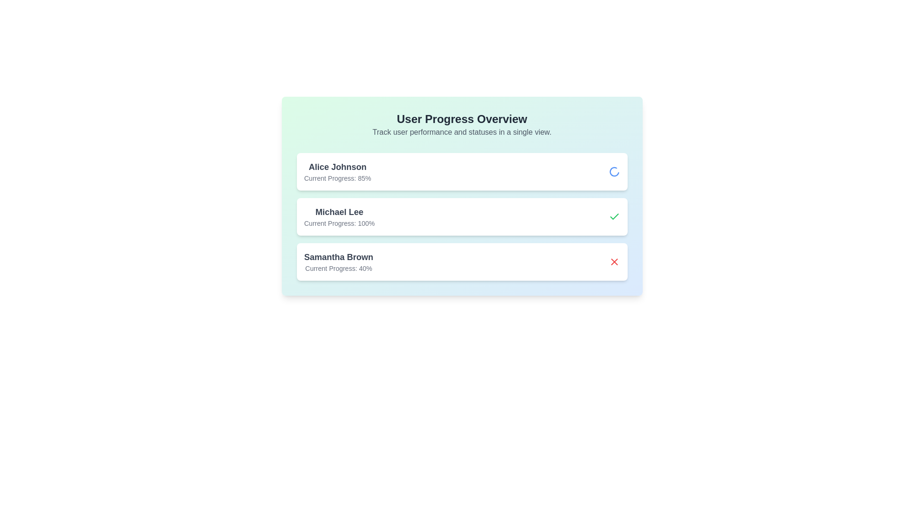 Image resolution: width=902 pixels, height=507 pixels. Describe the element at coordinates (338, 257) in the screenshot. I see `the 'Samantha Brown' text label` at that location.